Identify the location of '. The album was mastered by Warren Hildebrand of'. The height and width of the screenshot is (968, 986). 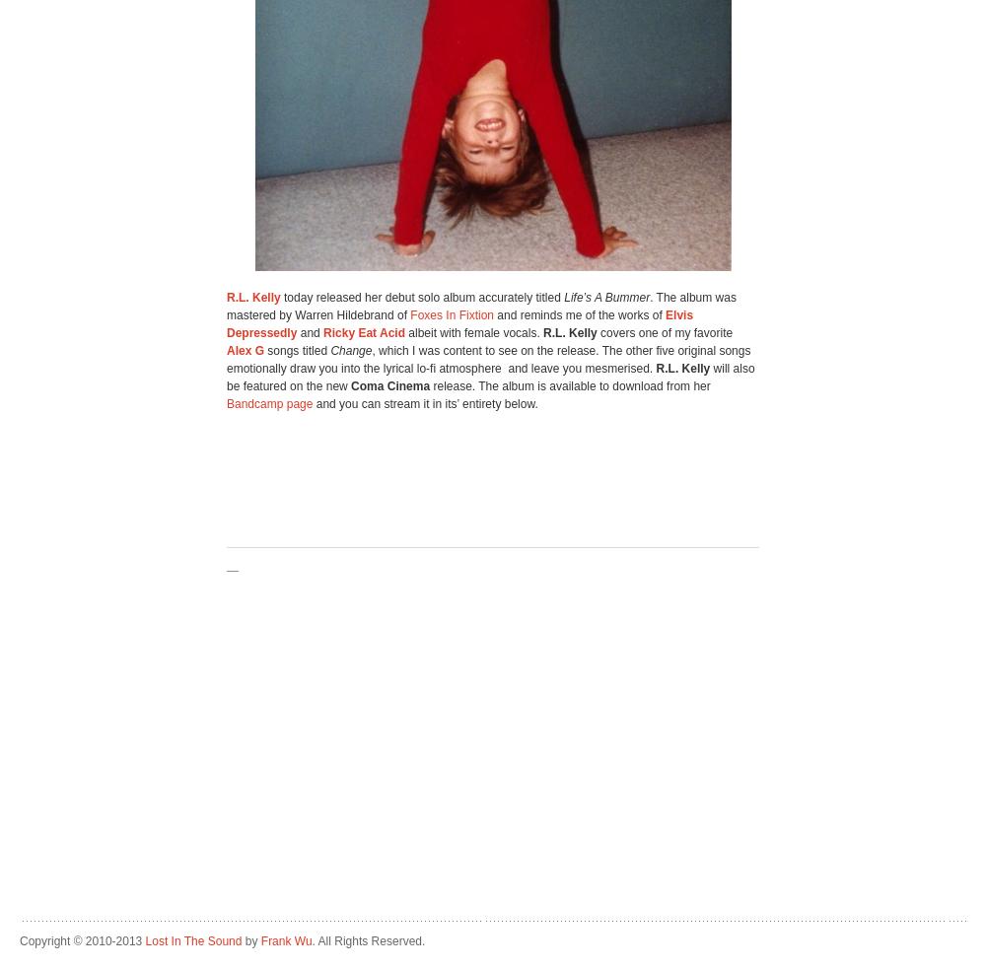
(226, 306).